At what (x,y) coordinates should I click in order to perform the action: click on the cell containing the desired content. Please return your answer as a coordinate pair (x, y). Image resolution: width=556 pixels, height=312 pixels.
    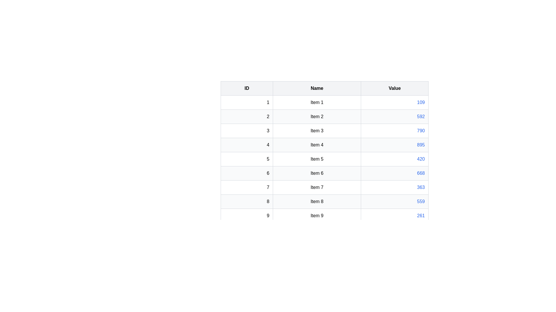
    Looking at the image, I should click on (325, 102).